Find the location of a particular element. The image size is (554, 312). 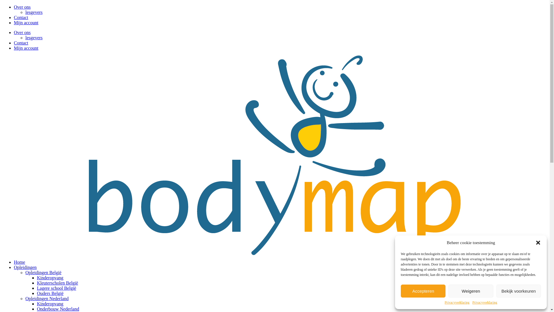

'Opleidingen' is located at coordinates (25, 267).